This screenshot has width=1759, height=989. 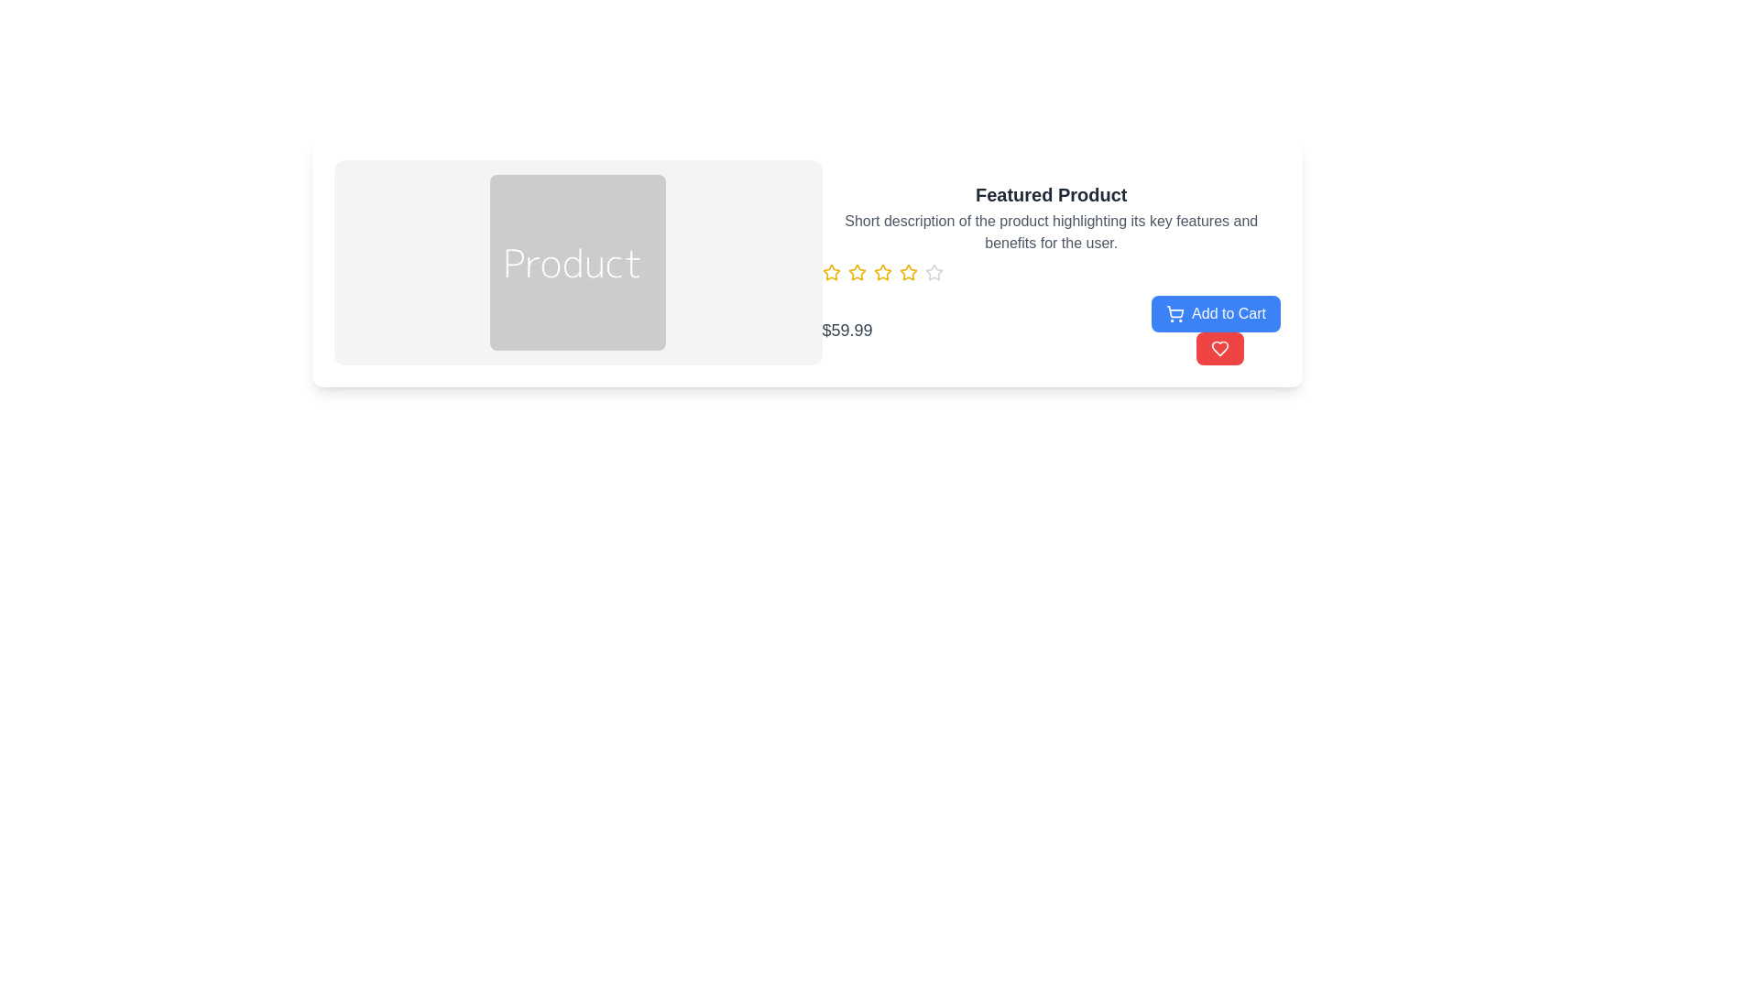 I want to click on the third star icon in the horizontal row of five star icons used for rating the product, so click(x=882, y=272).